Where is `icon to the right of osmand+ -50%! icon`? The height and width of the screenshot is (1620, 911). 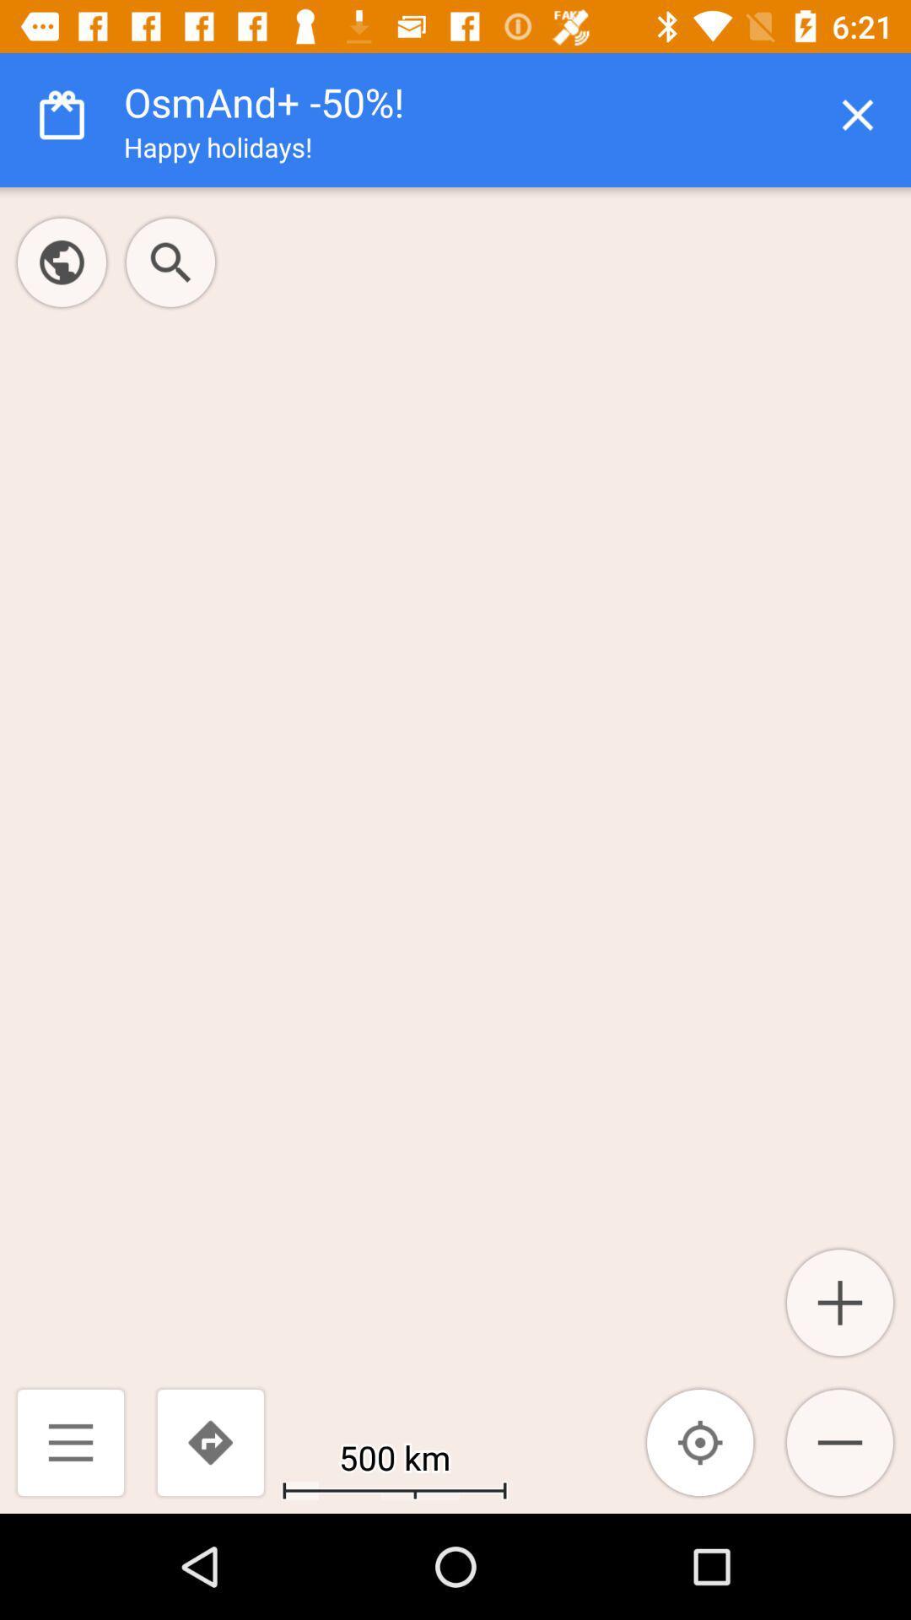 icon to the right of osmand+ -50%! icon is located at coordinates (858, 114).